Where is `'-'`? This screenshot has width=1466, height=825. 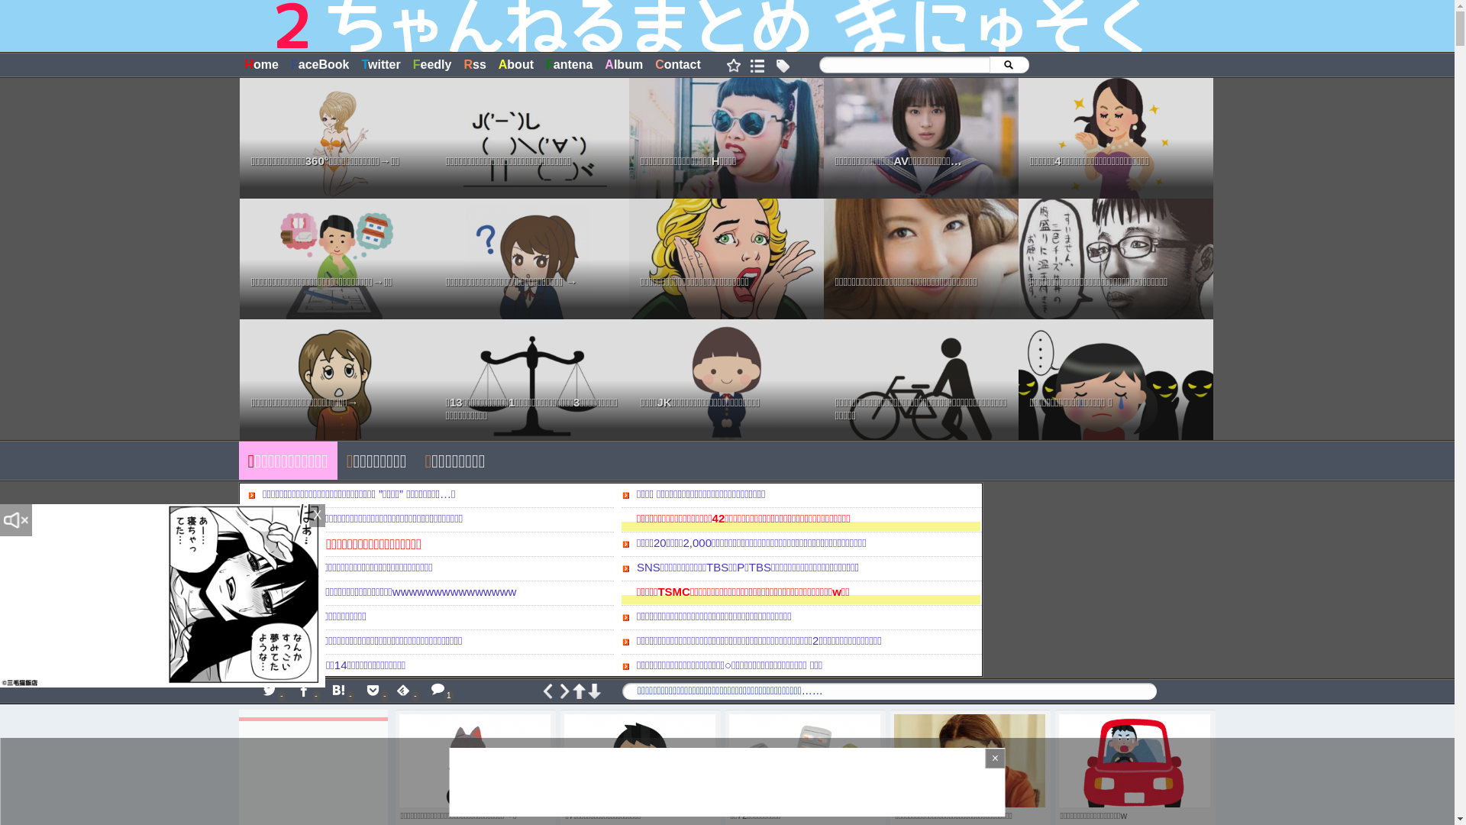 '-' is located at coordinates (271, 691).